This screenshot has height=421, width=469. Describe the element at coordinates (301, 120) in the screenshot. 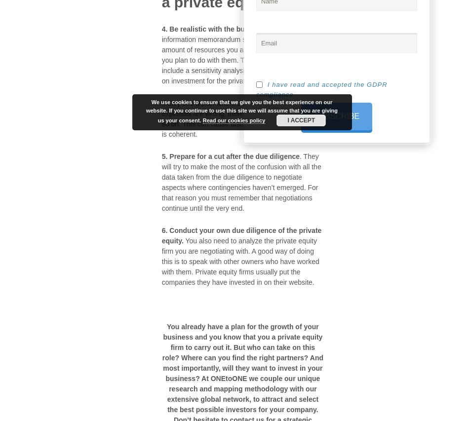

I see `'I ACCEPT'` at that location.